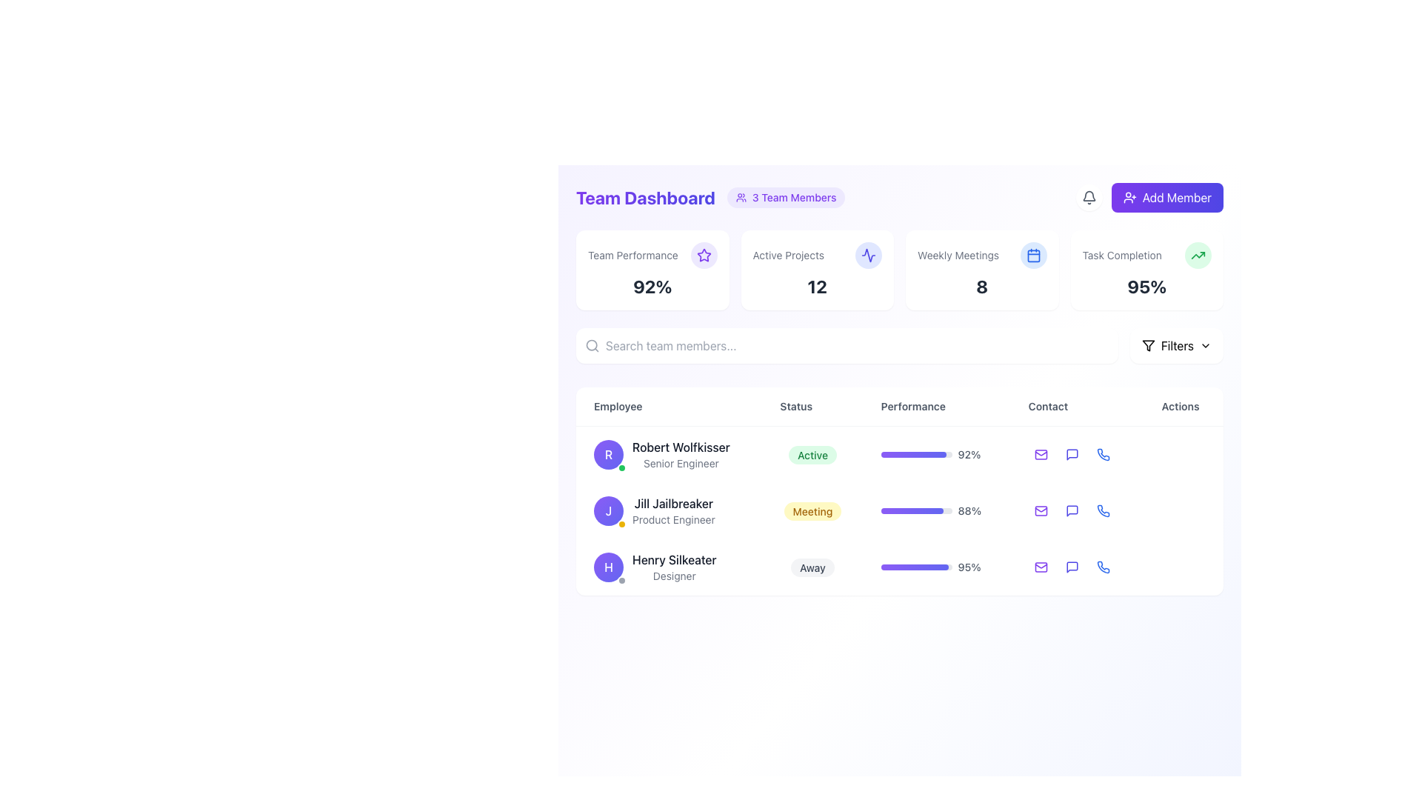 This screenshot has width=1422, height=800. I want to click on the Profile item displaying 'Robert Wolfkisser', so click(668, 453).